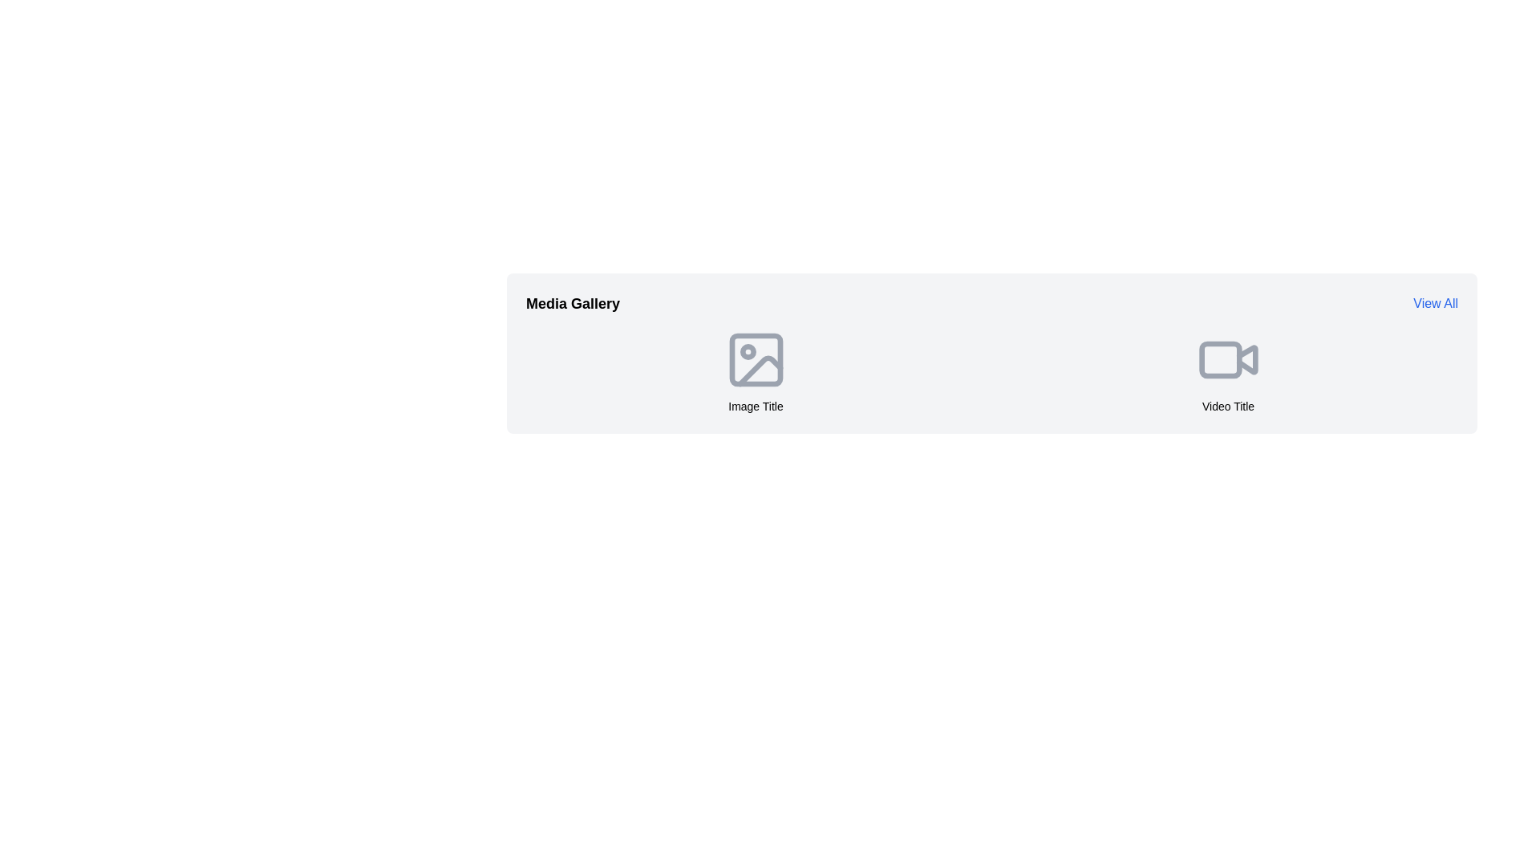  Describe the element at coordinates (1227, 370) in the screenshot. I see `the video camera icon in the interactive card labeled 'Video Title' to potentially reveal additional information` at that location.